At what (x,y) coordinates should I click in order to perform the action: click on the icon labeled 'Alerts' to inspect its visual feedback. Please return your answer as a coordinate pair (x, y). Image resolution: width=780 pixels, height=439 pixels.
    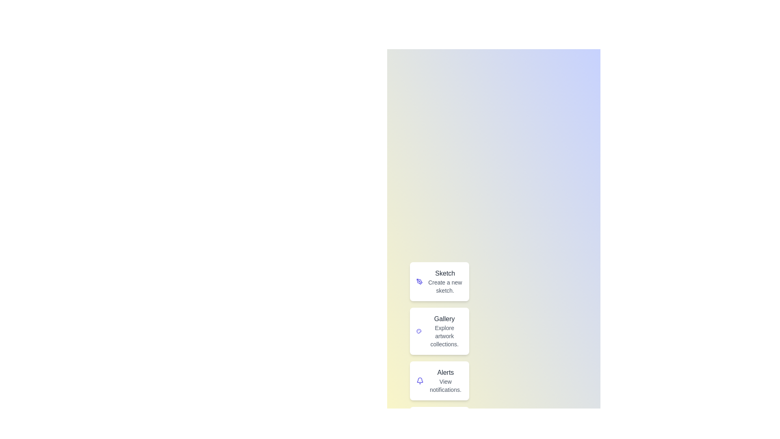
    Looking at the image, I should click on (420, 381).